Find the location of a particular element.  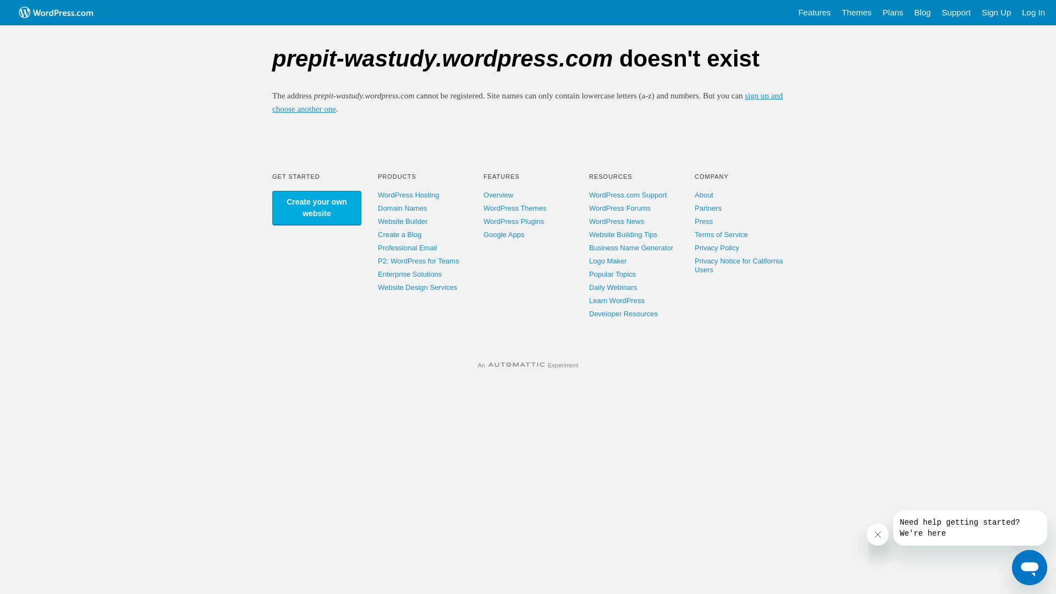

'Button to launch messaging window' is located at coordinates (1011, 568).